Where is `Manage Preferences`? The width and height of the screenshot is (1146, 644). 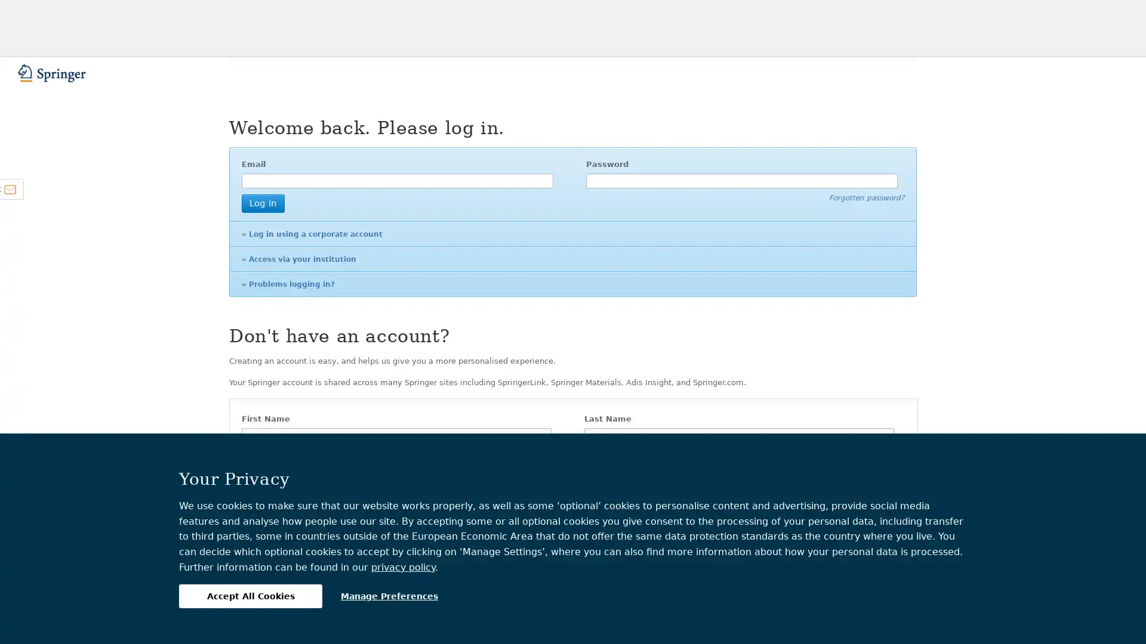 Manage Preferences is located at coordinates (389, 596).